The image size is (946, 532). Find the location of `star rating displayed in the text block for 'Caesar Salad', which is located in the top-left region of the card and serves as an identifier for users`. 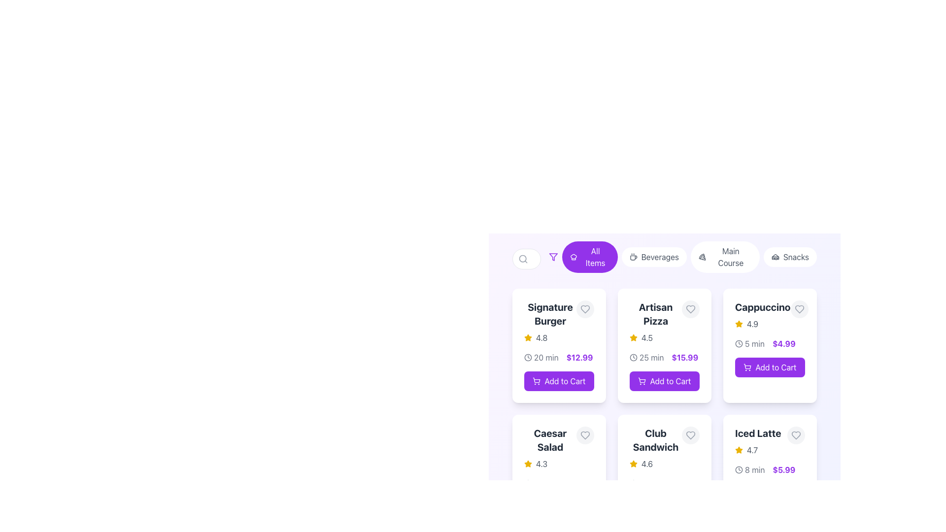

star rating displayed in the text block for 'Caesar Salad', which is located in the top-left region of the card and serves as an identifier for users is located at coordinates (559, 448).